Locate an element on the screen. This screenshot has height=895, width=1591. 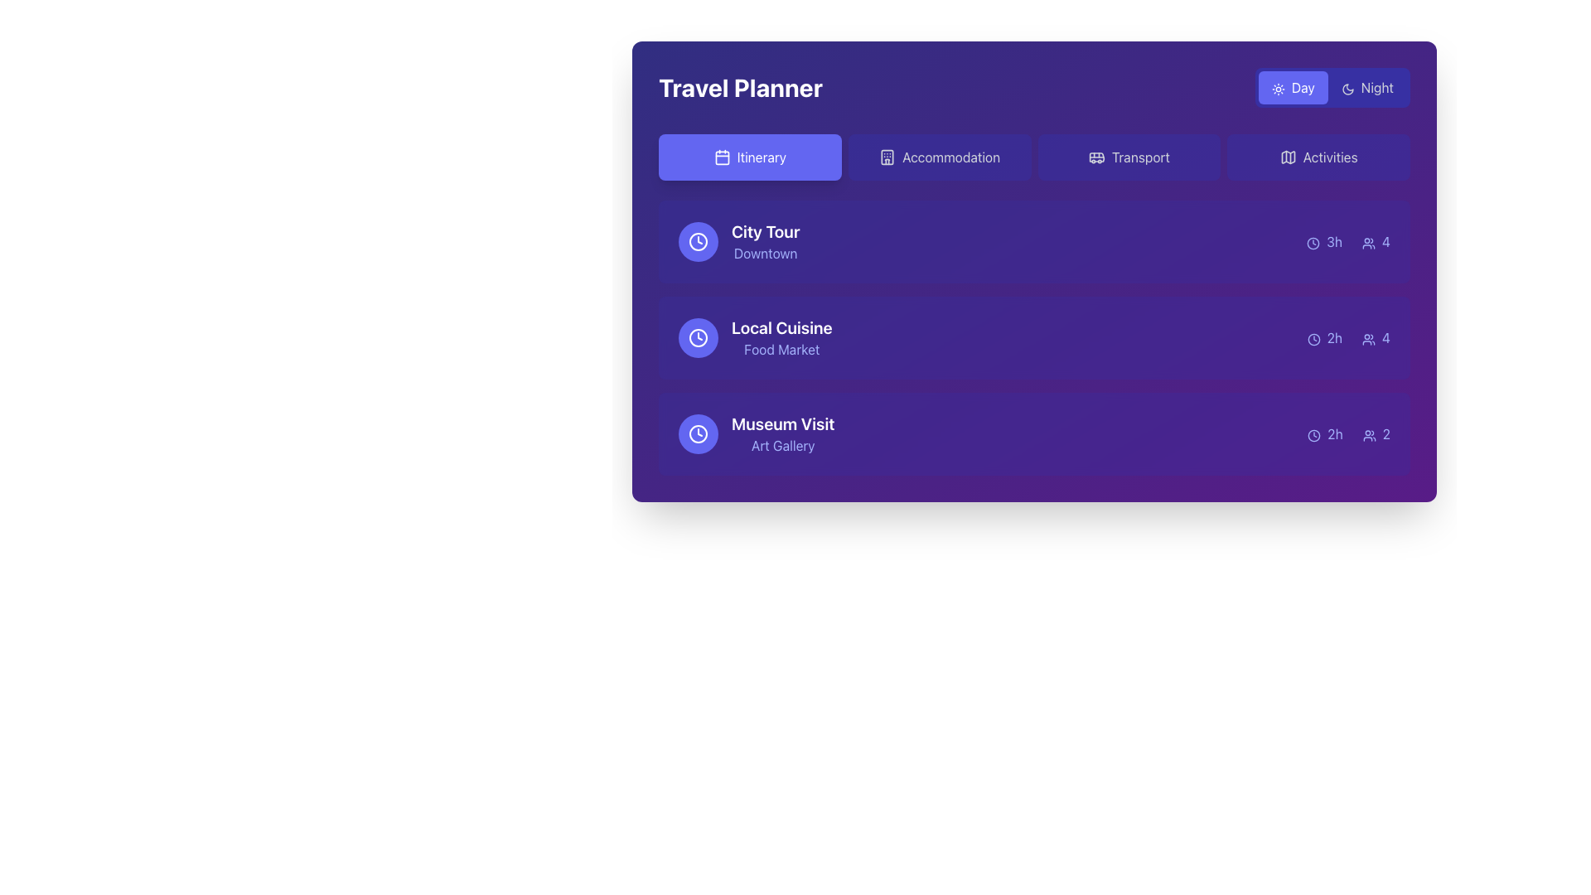
the horizontally rectangular purple button labeled 'Accommodation' with a small building icon is located at coordinates (940, 157).